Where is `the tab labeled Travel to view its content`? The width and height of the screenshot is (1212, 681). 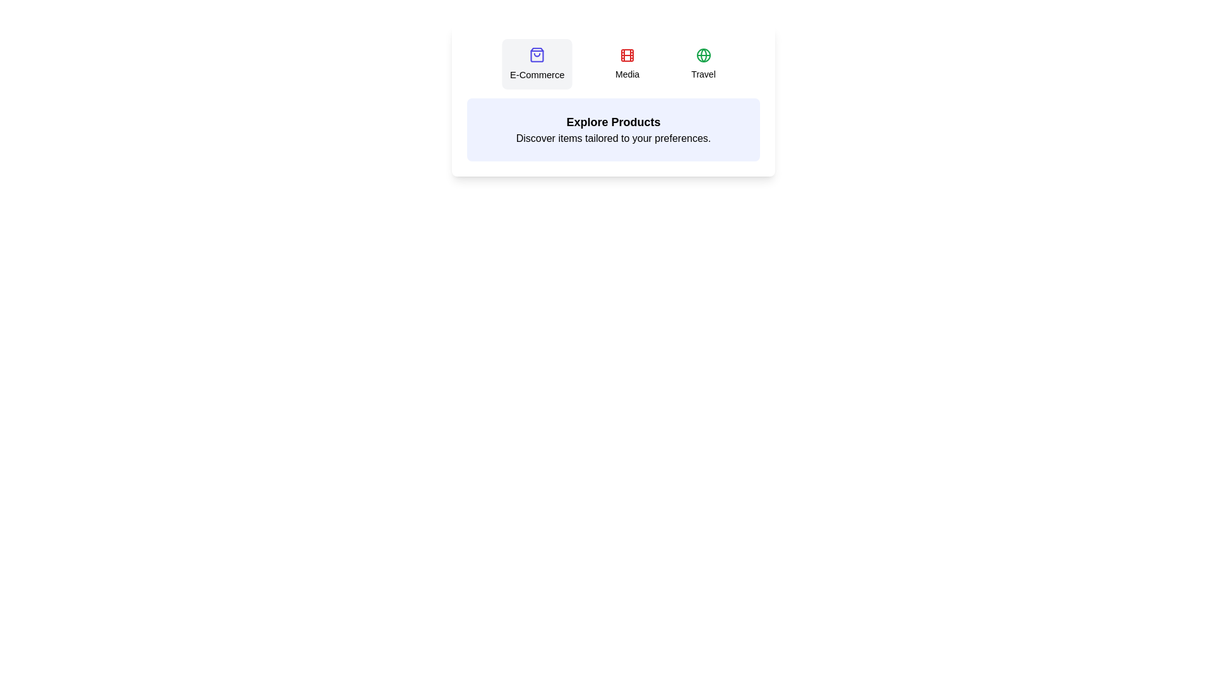 the tab labeled Travel to view its content is located at coordinates (703, 64).